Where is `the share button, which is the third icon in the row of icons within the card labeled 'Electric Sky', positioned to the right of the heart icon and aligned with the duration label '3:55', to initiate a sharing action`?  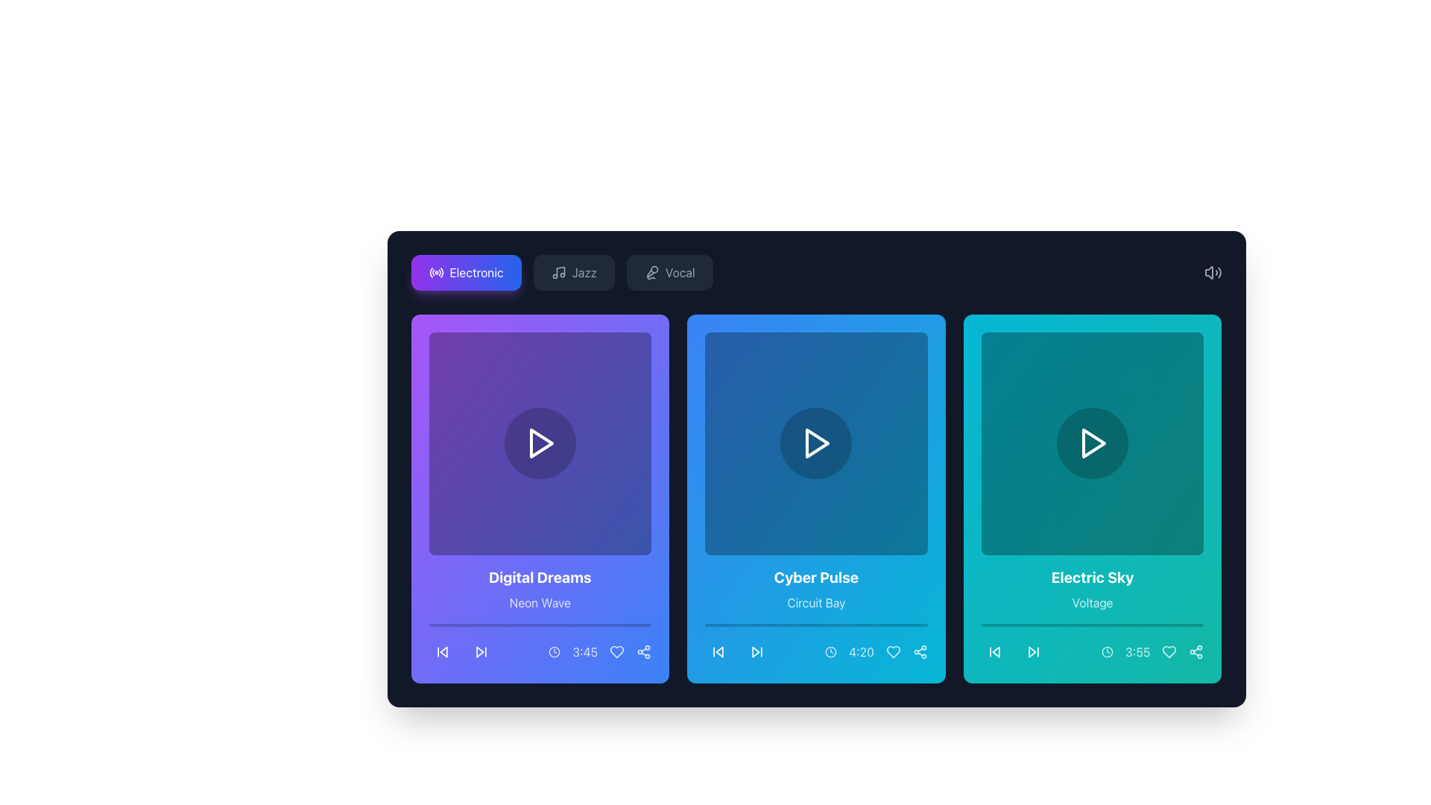
the share button, which is the third icon in the row of icons within the card labeled 'Electric Sky', positioned to the right of the heart icon and aligned with the duration label '3:55', to initiate a sharing action is located at coordinates (1196, 651).